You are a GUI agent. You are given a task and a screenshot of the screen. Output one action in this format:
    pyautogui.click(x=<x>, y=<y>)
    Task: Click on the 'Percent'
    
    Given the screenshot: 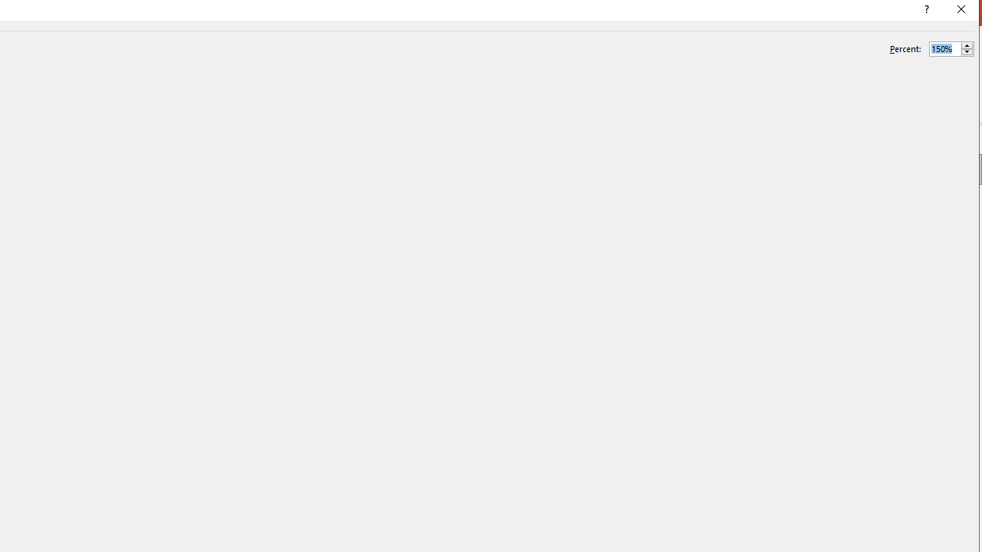 What is the action you would take?
    pyautogui.click(x=951, y=48)
    